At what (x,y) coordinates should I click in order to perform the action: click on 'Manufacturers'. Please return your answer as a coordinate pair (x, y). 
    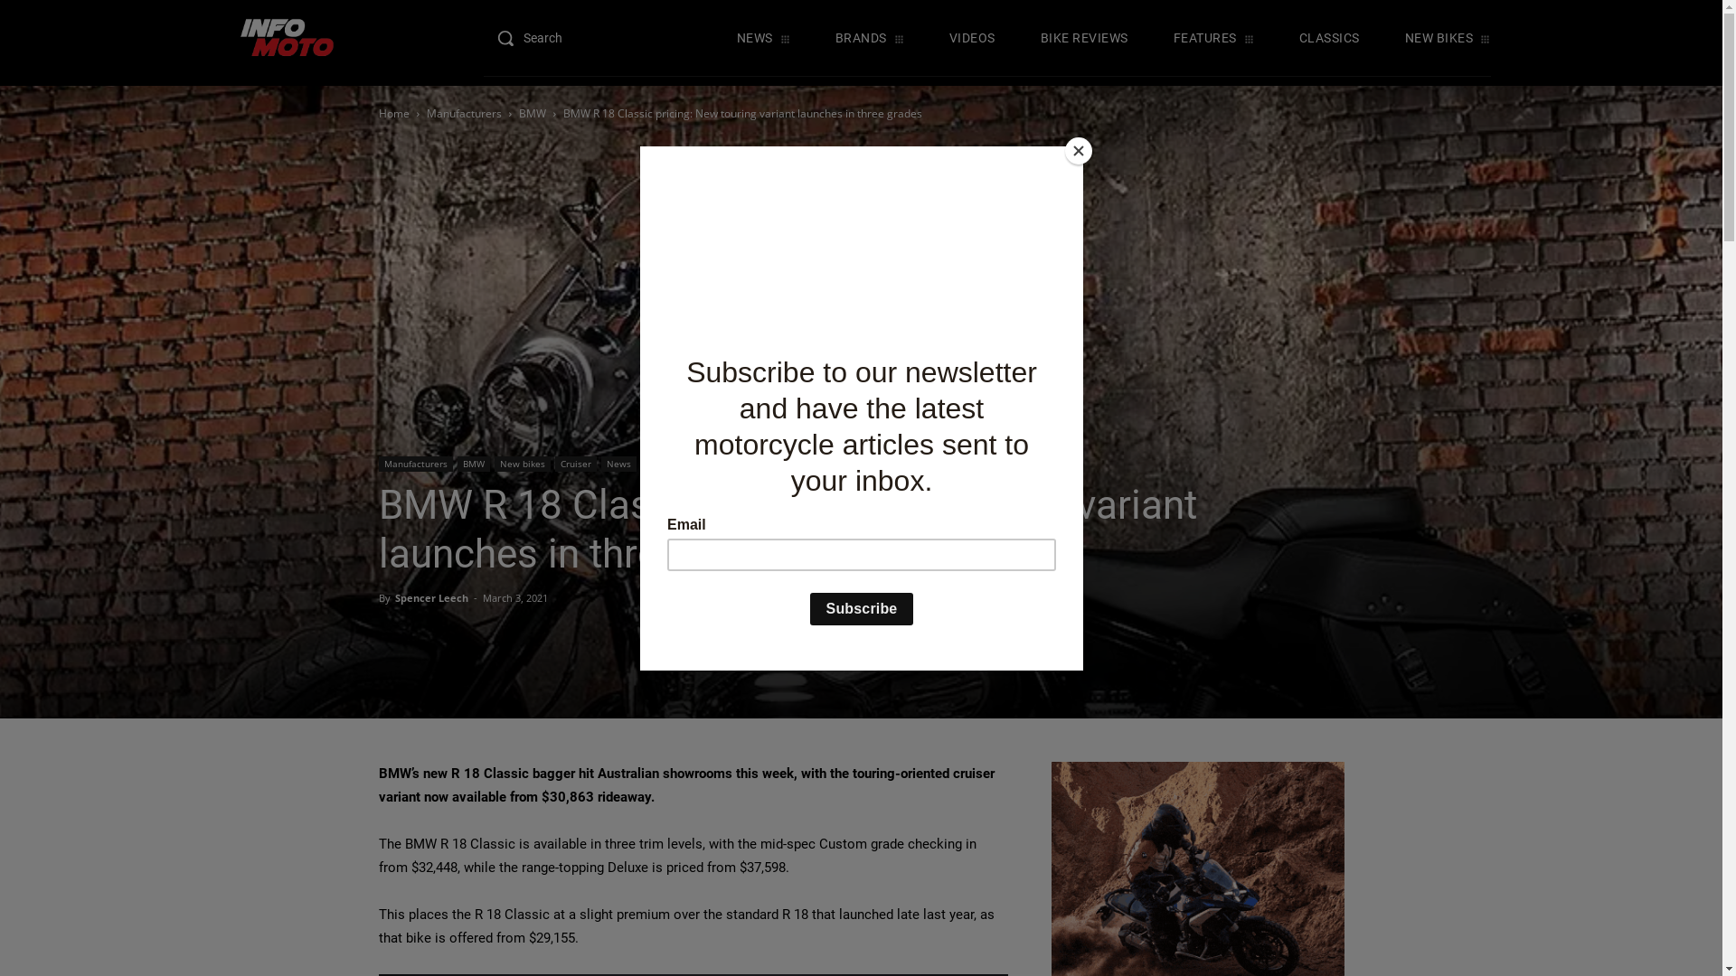
    Looking at the image, I should click on (414, 463).